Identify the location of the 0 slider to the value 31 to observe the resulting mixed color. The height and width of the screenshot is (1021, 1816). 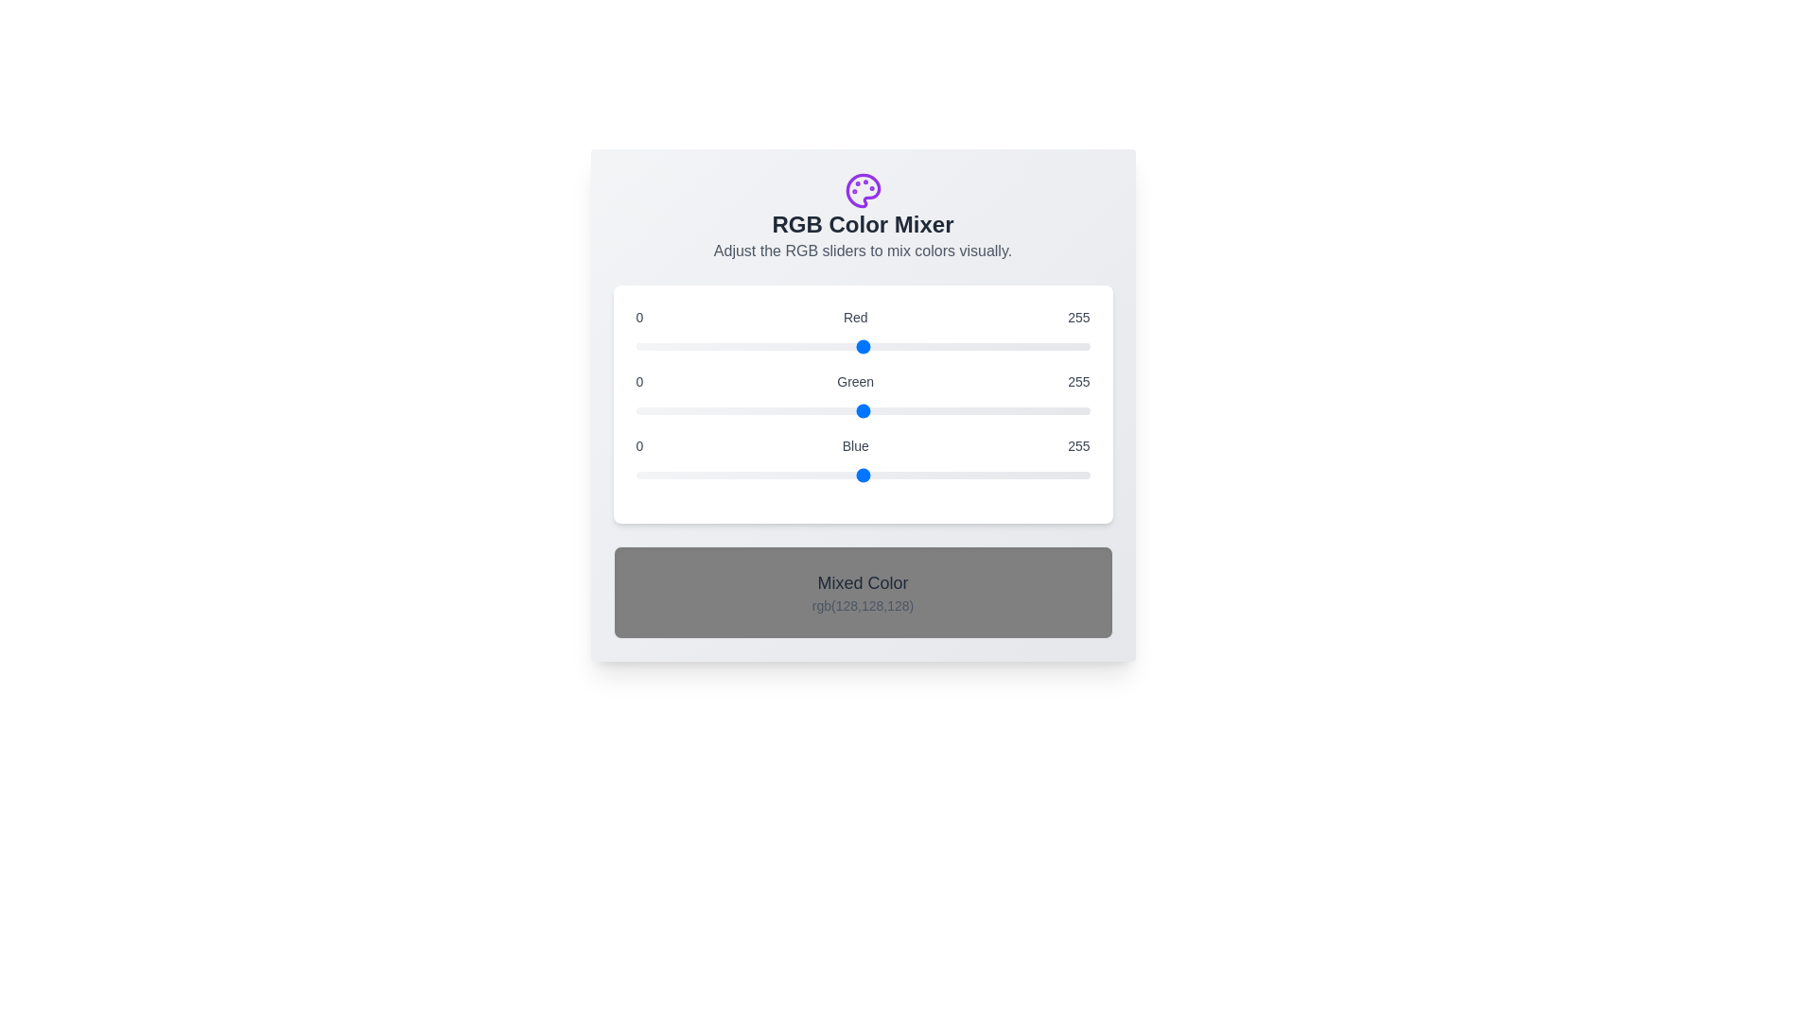
(862, 346).